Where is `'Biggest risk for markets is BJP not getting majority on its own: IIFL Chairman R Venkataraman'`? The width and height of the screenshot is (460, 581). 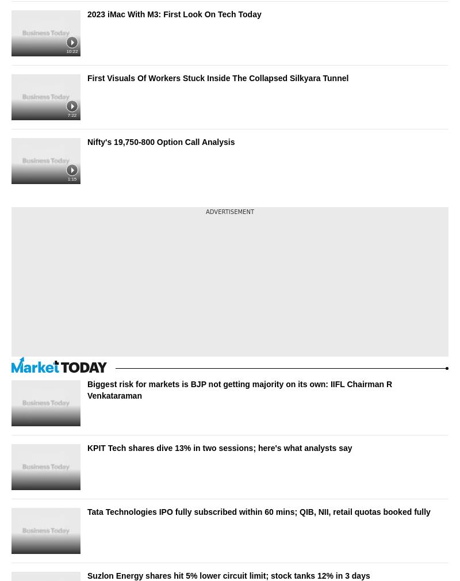
'Biggest risk for markets is BJP not getting majority on its own: IIFL Chairman R Venkataraman' is located at coordinates (239, 389).